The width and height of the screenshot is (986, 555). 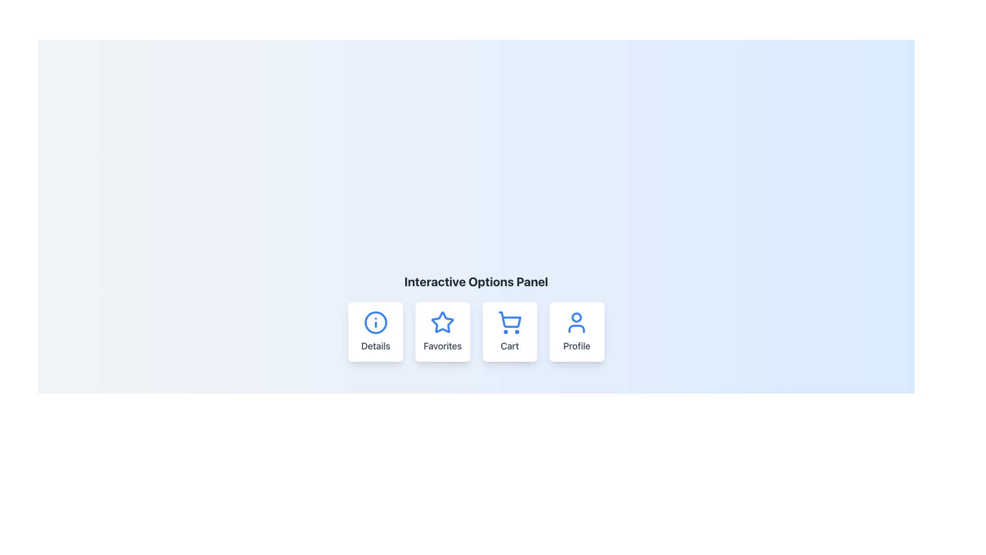 I want to click on the SVG circle element that represents the head component of the profile icon, which is the fourth option from the left in the row of icons at the bottom center of the interface, so click(x=577, y=317).